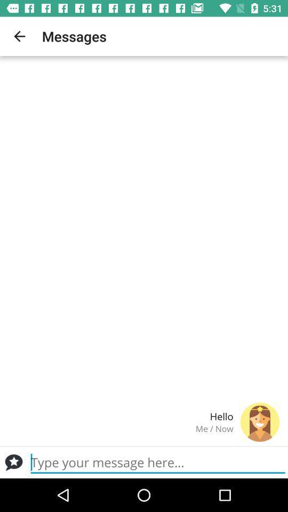 Image resolution: width=288 pixels, height=512 pixels. I want to click on the chat icon, so click(13, 462).